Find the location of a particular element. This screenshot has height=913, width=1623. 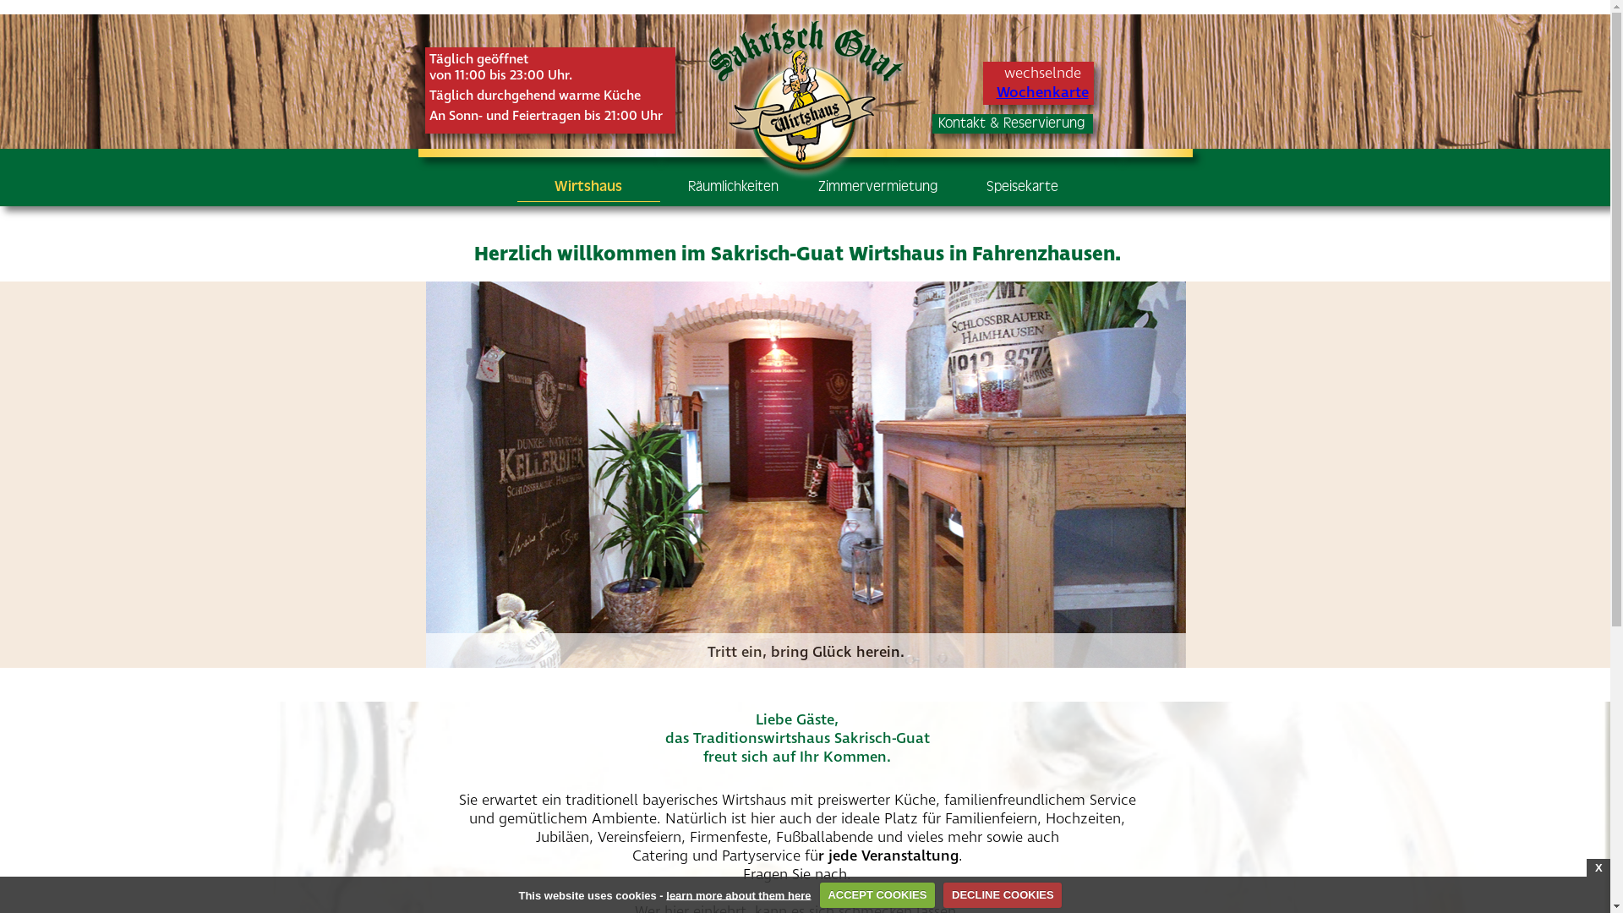

'Wirtshaus' is located at coordinates (588, 187).